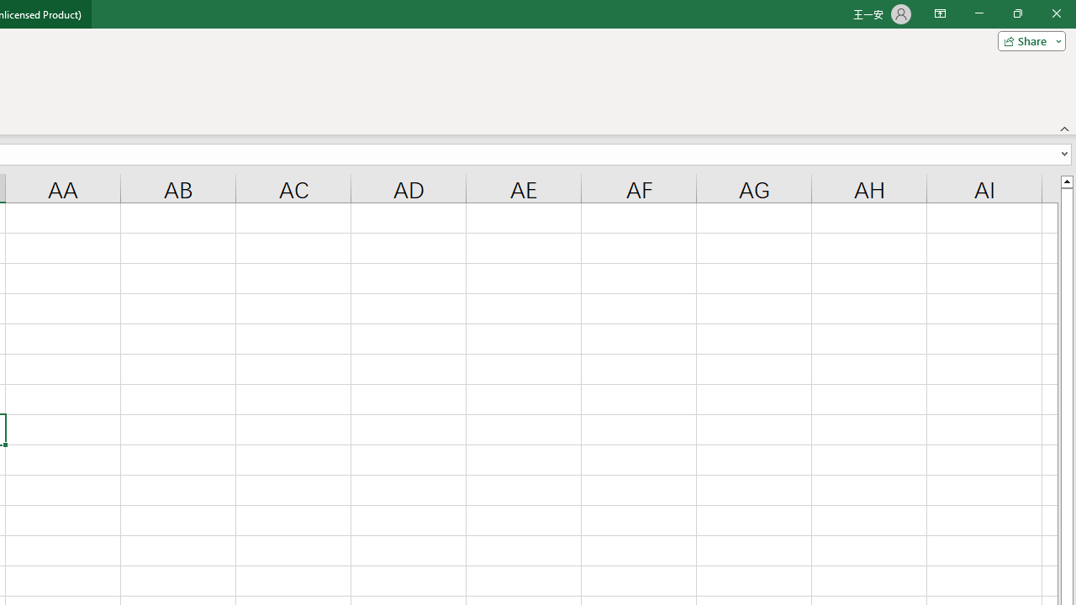 Image resolution: width=1076 pixels, height=605 pixels. I want to click on 'Line up', so click(1066, 181).